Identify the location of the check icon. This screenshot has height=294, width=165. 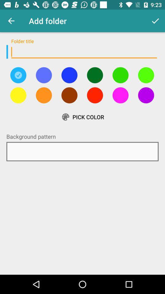
(18, 75).